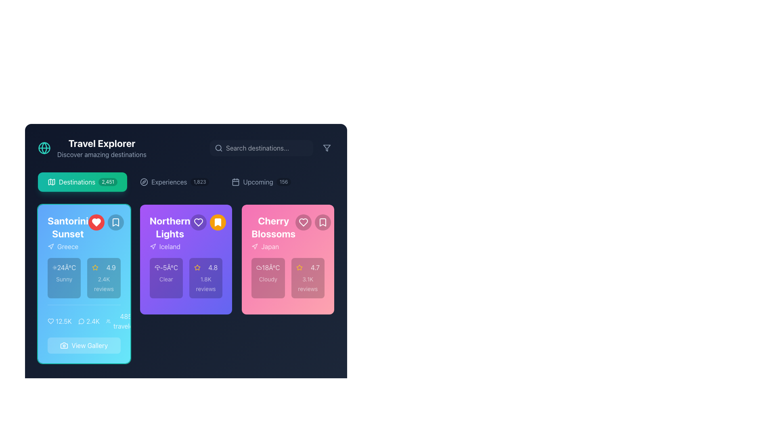 Image resolution: width=775 pixels, height=436 pixels. What do you see at coordinates (268, 268) in the screenshot?
I see `the temperature label displaying '18°C' next to the cloud icon within the 'Cherry Blossoms' weather card` at bounding box center [268, 268].